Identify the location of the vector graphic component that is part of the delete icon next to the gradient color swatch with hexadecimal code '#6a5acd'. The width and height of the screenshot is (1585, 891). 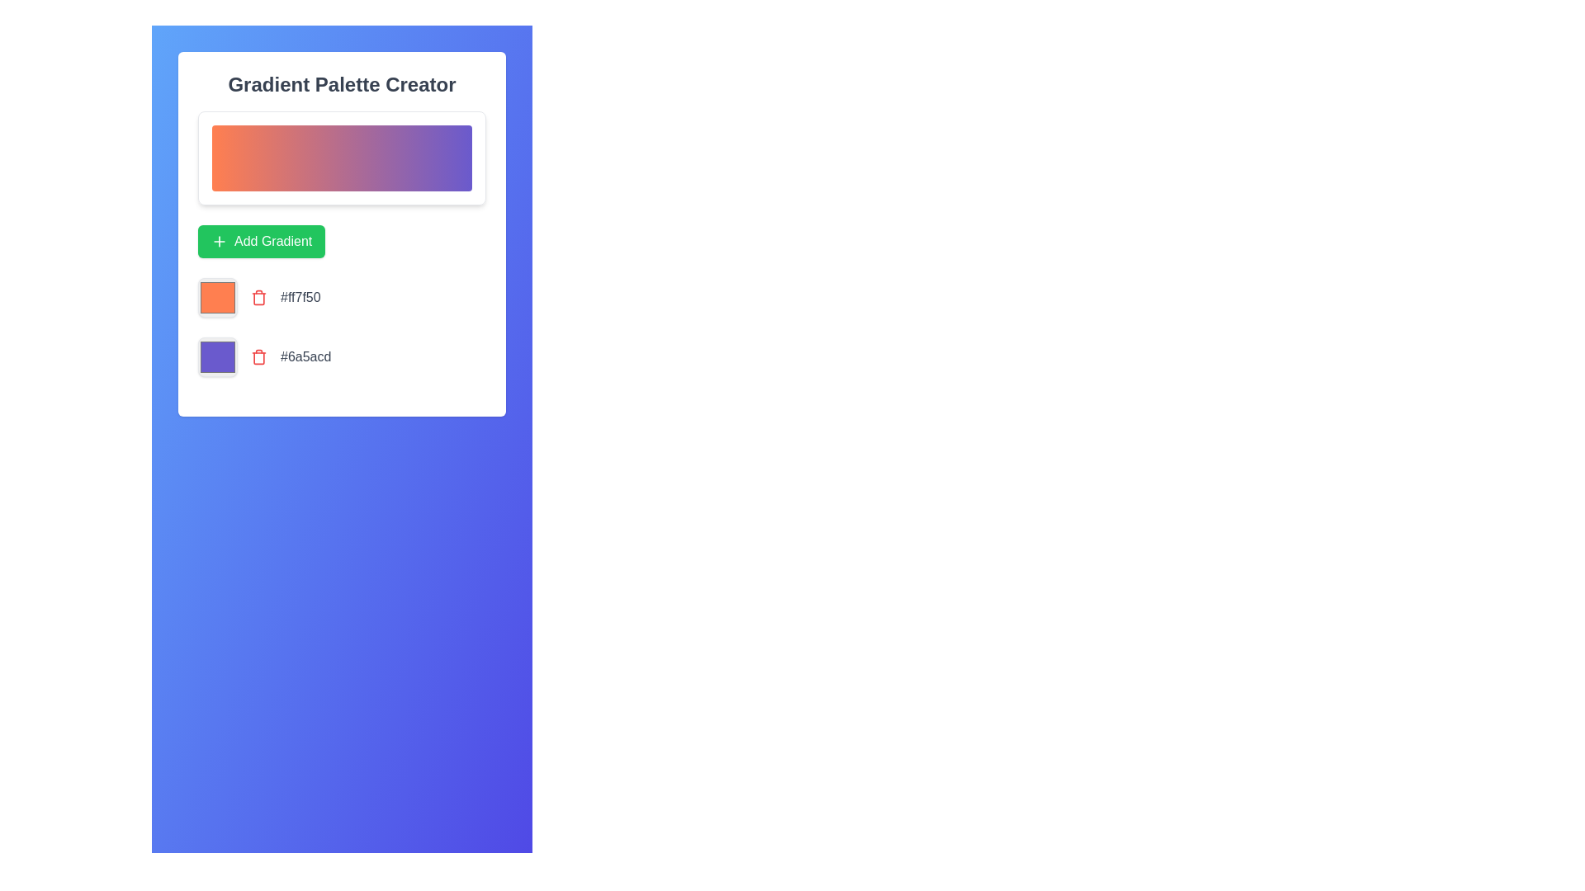
(258, 357).